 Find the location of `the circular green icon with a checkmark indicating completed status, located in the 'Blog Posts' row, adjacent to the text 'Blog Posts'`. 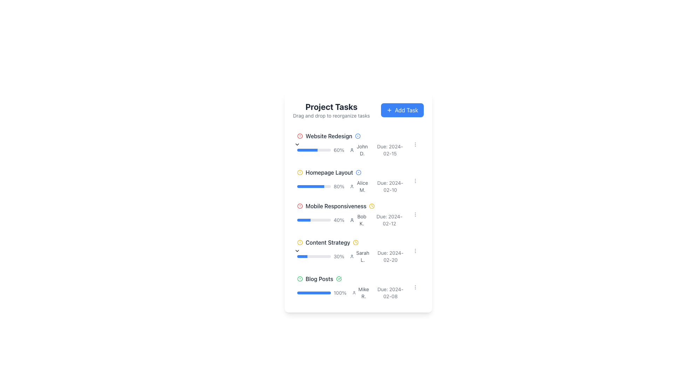

the circular green icon with a checkmark indicating completed status, located in the 'Blog Posts' row, adjacent to the text 'Blog Posts' is located at coordinates (339, 279).